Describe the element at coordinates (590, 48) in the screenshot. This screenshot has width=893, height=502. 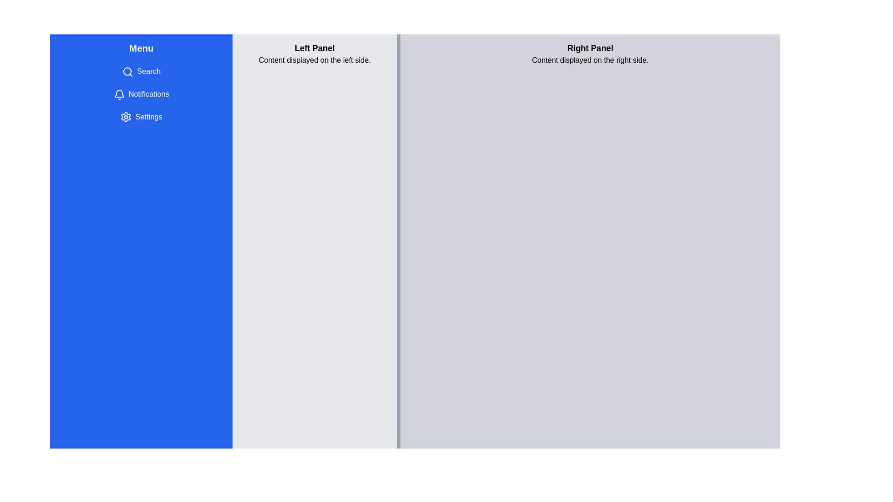
I see `the Text label that serves as a title for the right panel, located at the top of the right gray panel` at that location.